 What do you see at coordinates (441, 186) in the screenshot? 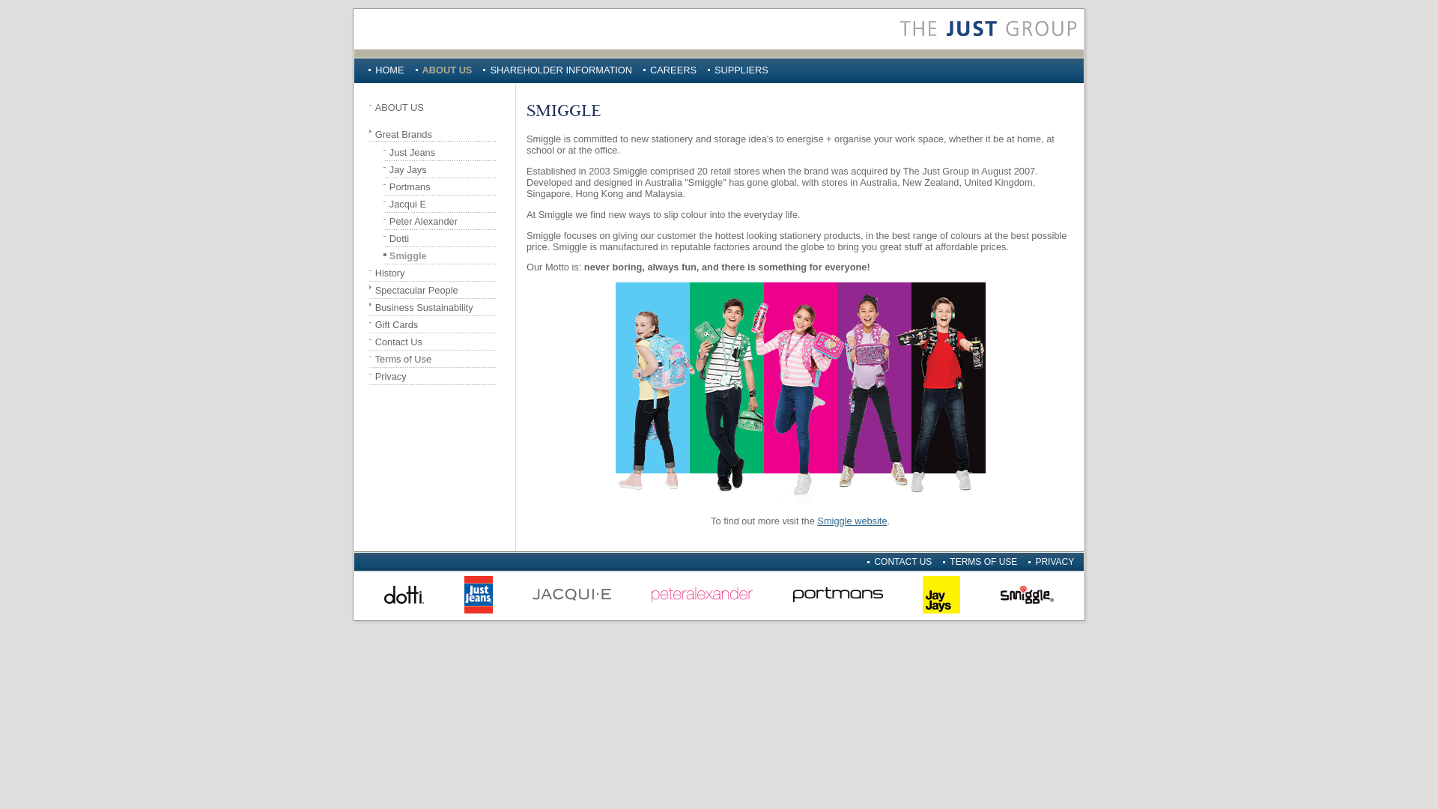
I see `'Portmans'` at bounding box center [441, 186].